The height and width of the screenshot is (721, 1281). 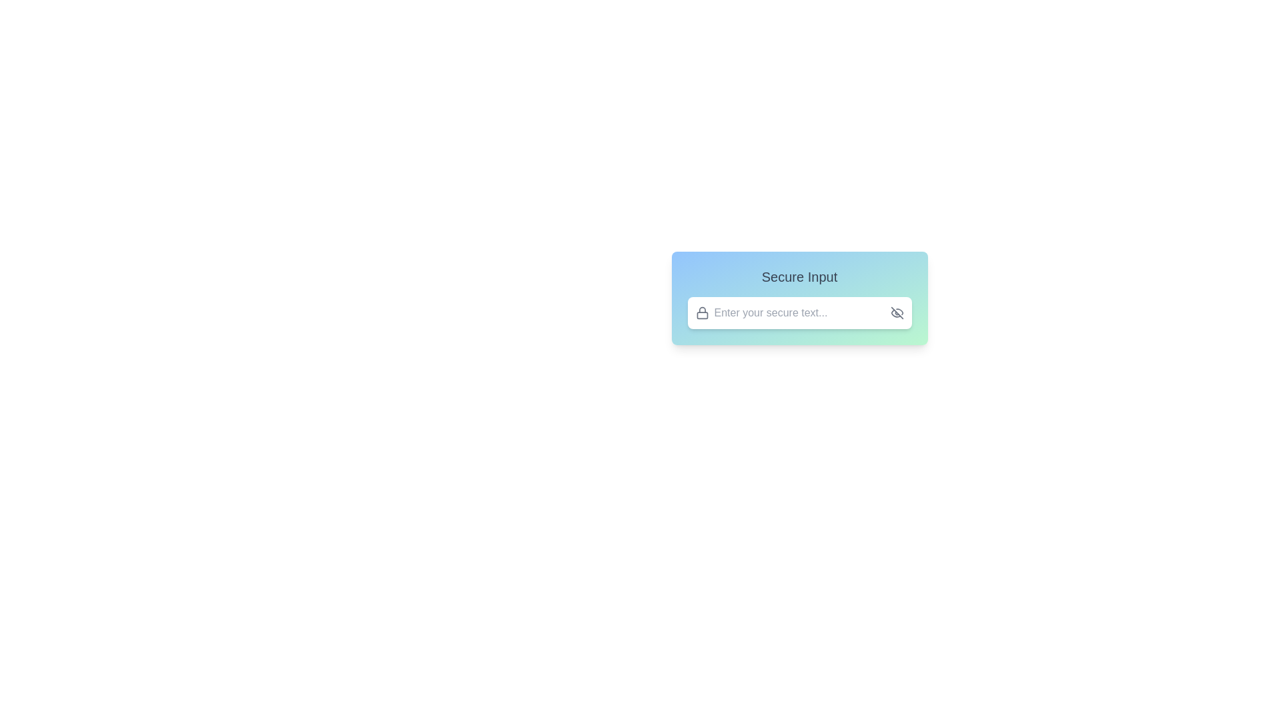 What do you see at coordinates (799, 276) in the screenshot?
I see `text from the 'Secure Input' label, which is styled in large, bold font and located centrally above the input field` at bounding box center [799, 276].